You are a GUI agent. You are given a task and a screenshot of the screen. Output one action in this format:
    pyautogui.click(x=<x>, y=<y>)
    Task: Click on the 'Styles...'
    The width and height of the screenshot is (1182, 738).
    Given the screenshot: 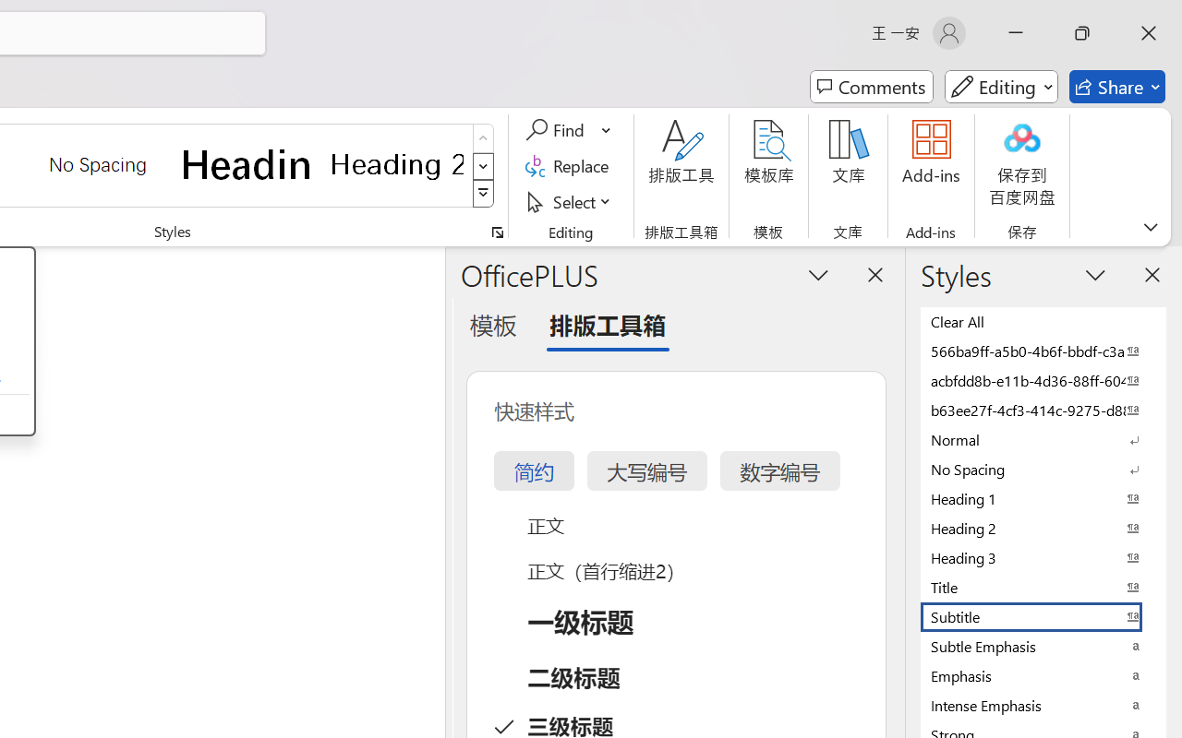 What is the action you would take?
    pyautogui.click(x=497, y=232)
    